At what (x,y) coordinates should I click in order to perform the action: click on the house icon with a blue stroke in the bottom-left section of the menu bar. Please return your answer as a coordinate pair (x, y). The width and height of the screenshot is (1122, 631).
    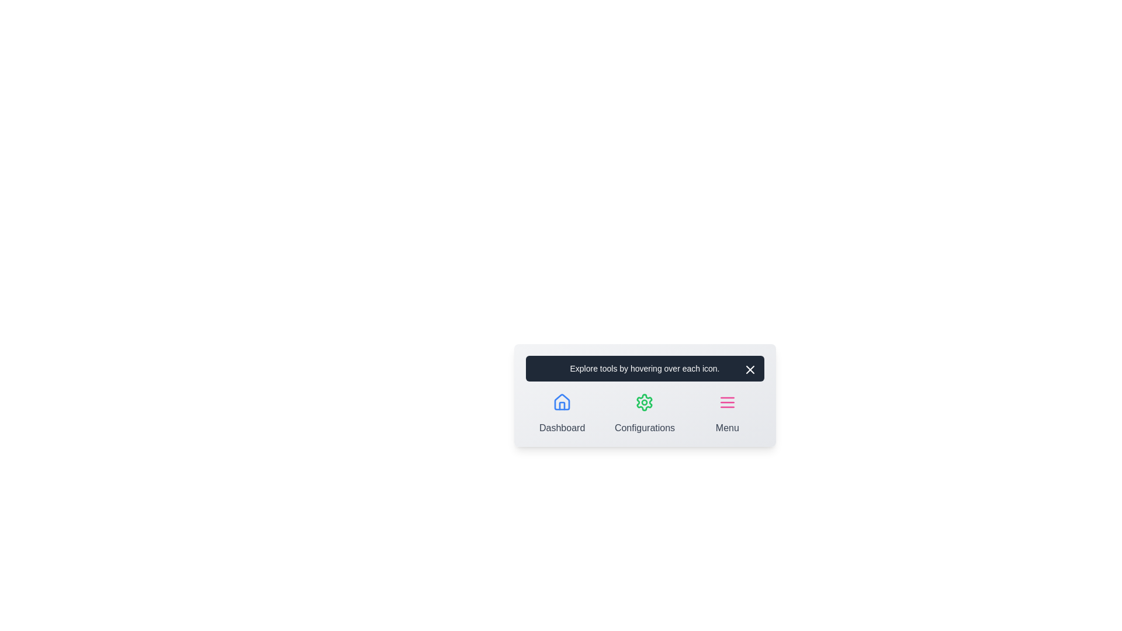
    Looking at the image, I should click on (562, 402).